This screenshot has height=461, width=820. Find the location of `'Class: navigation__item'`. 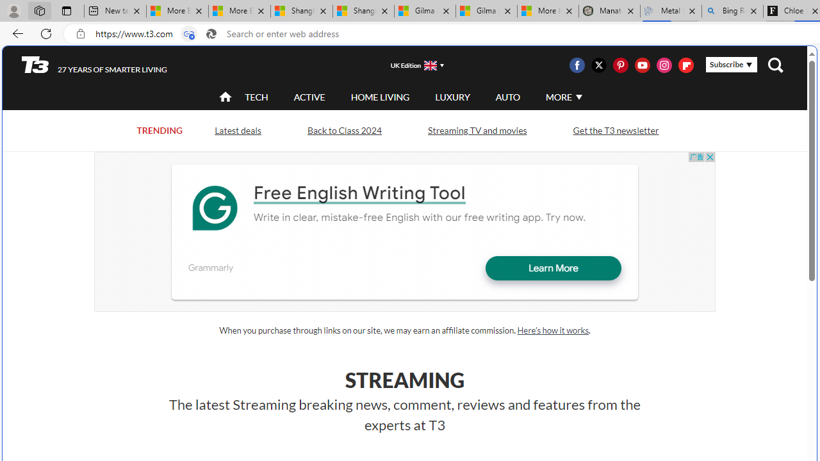

'Class: navigation__item' is located at coordinates (224, 96).